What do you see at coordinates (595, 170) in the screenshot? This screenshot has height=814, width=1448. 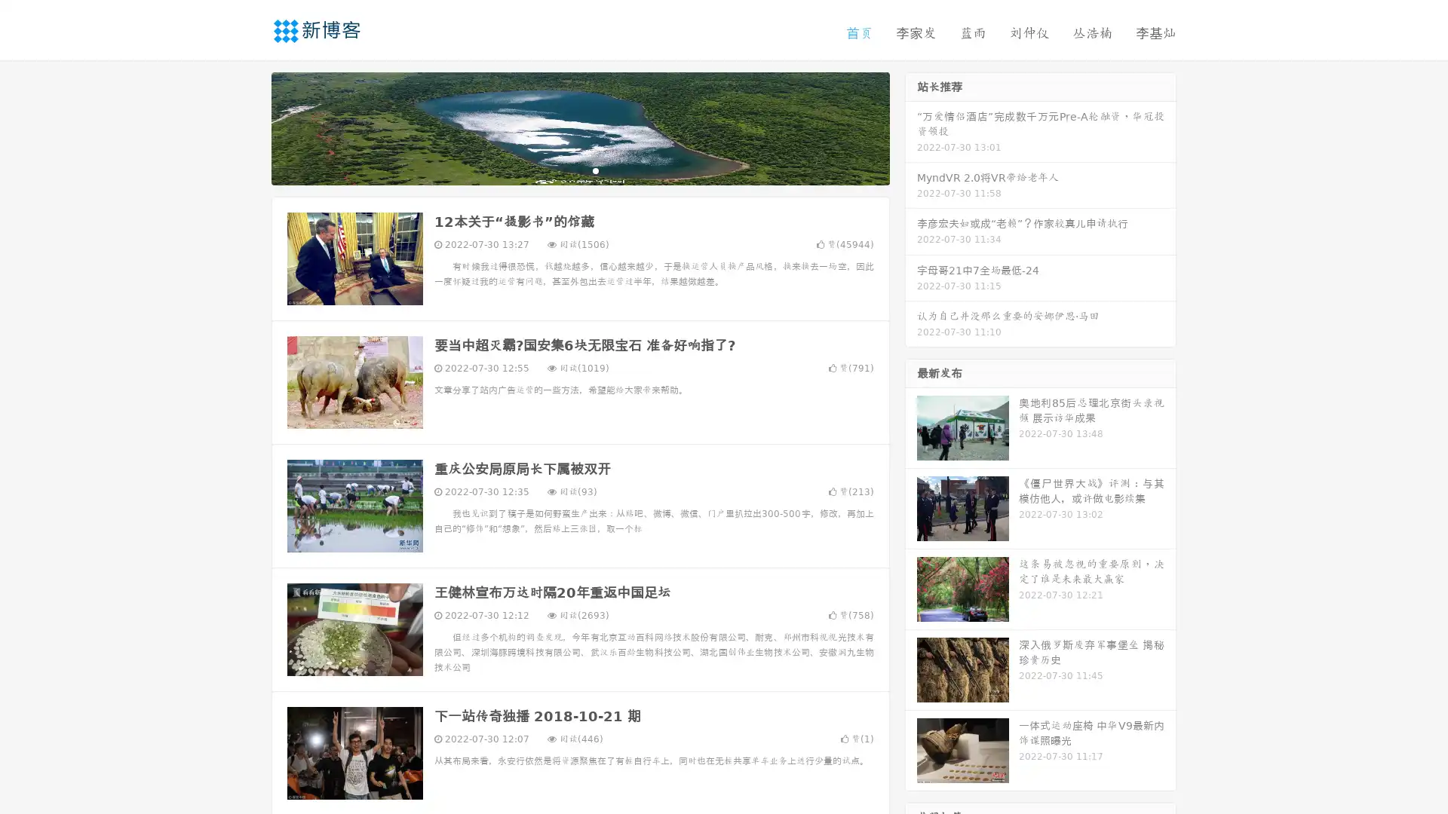 I see `Go to slide 3` at bounding box center [595, 170].